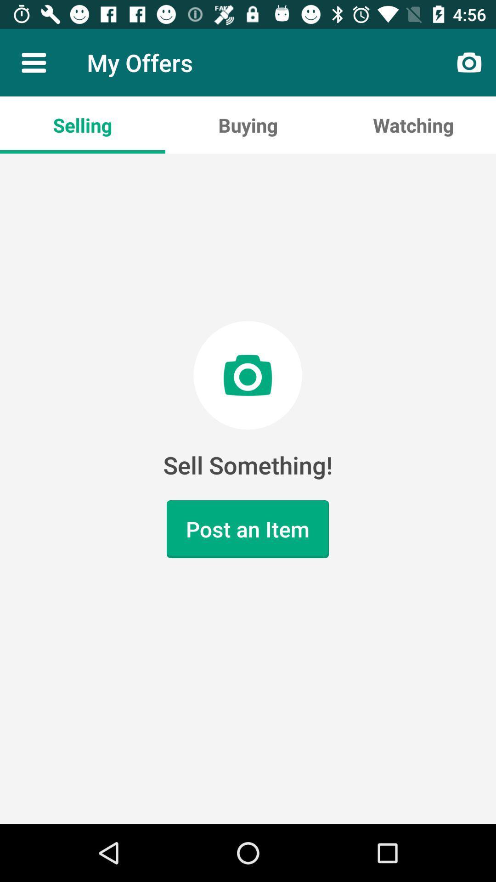 Image resolution: width=496 pixels, height=882 pixels. I want to click on app to the right of selling icon, so click(248, 124).